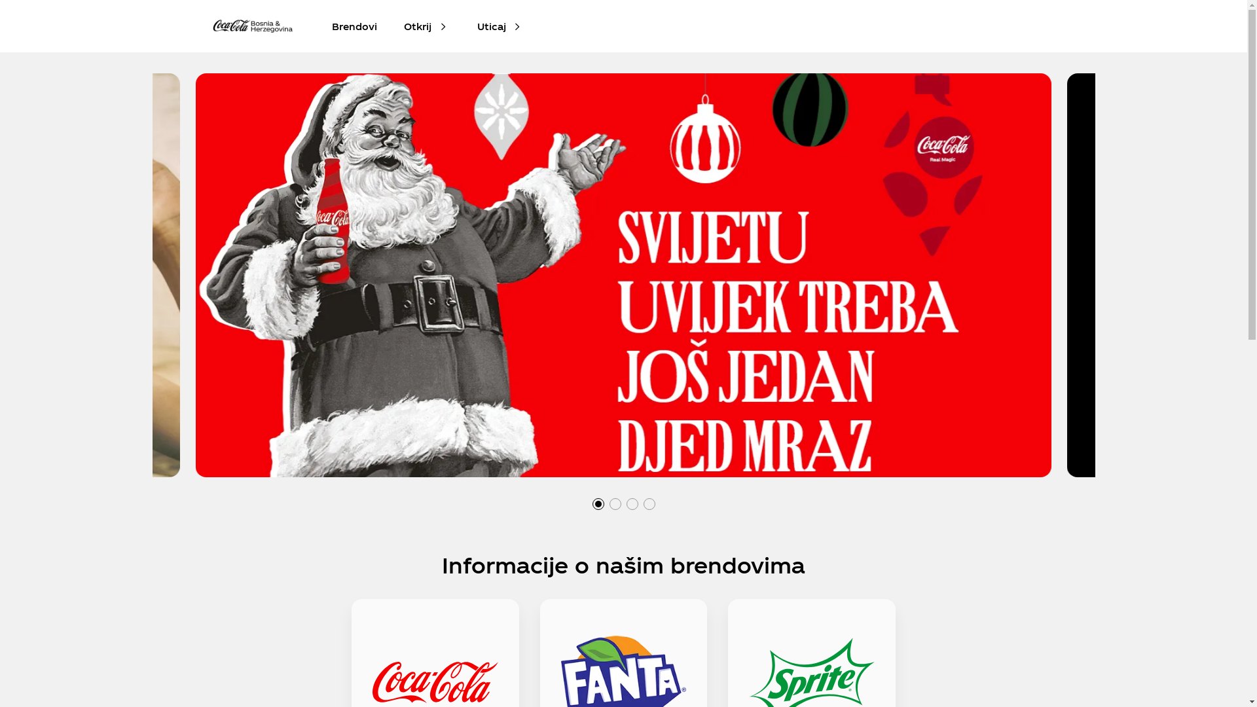  What do you see at coordinates (416, 26) in the screenshot?
I see `'Otkrij'` at bounding box center [416, 26].